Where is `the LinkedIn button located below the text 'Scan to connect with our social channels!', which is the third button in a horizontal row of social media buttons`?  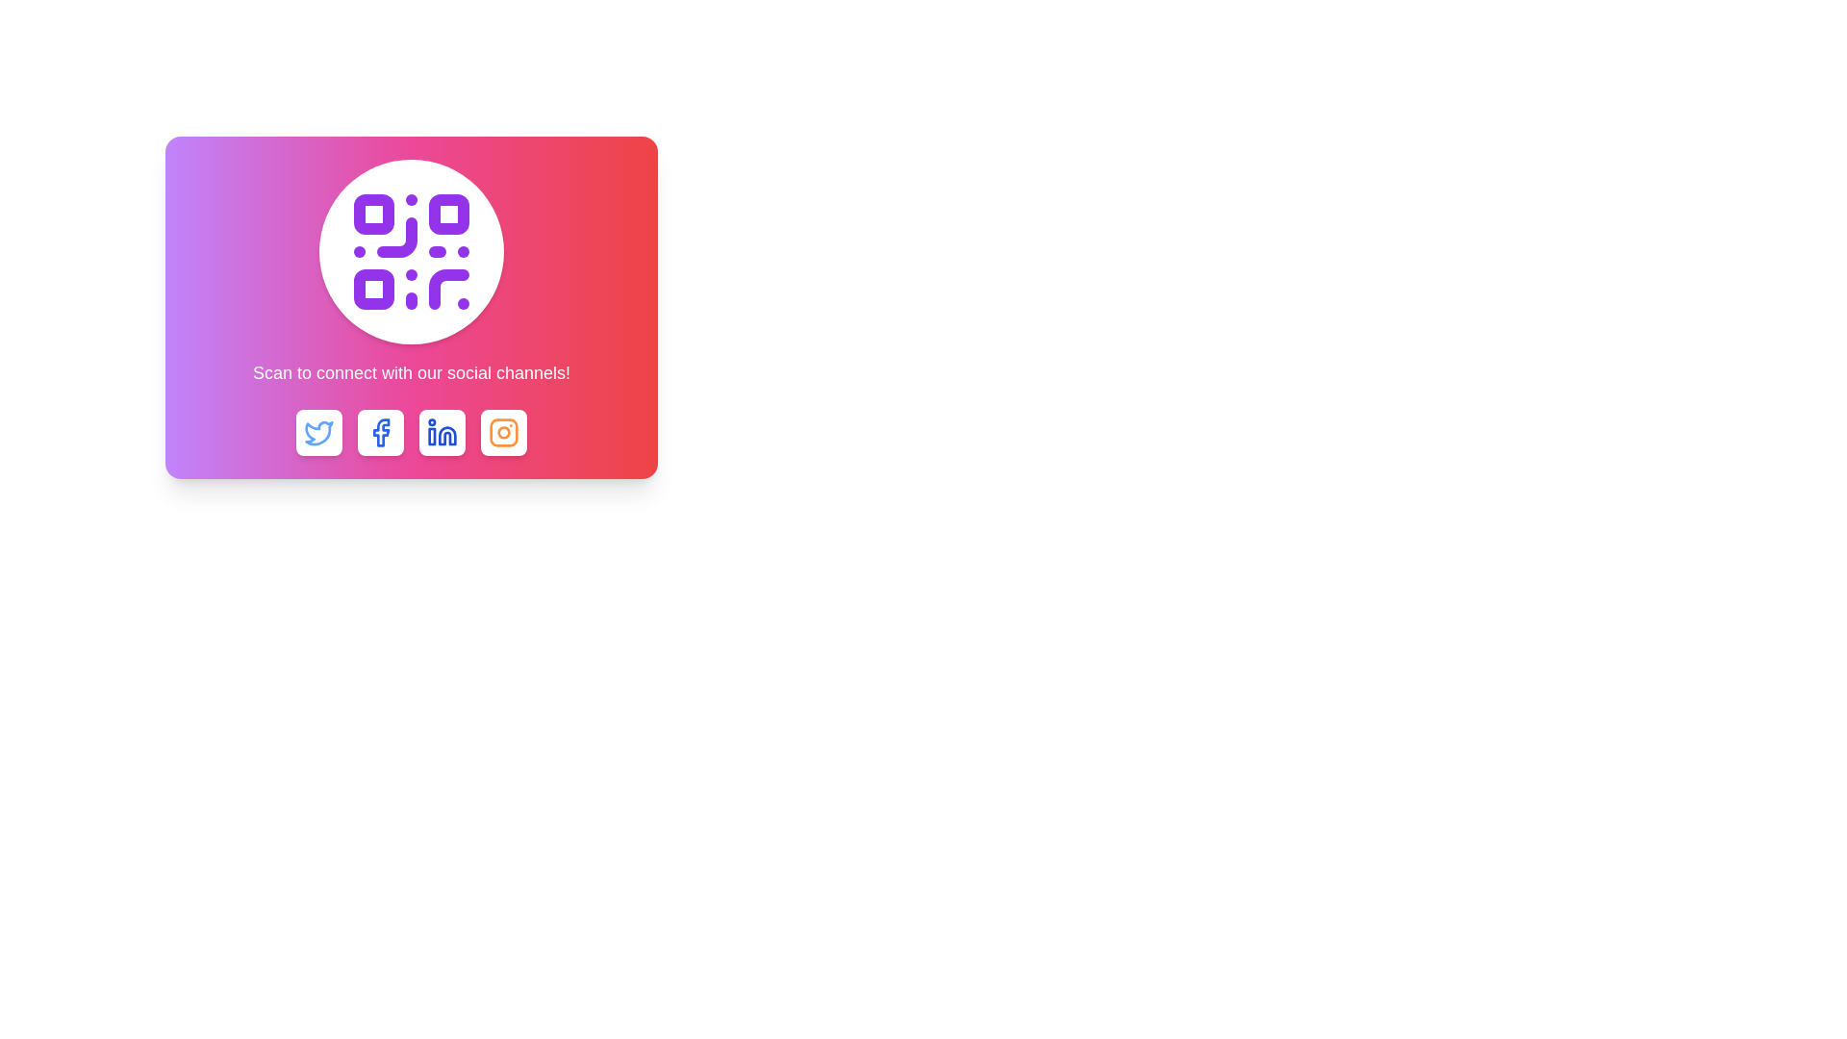 the LinkedIn button located below the text 'Scan to connect with our social channels!', which is the third button in a horizontal row of social media buttons is located at coordinates (442, 433).